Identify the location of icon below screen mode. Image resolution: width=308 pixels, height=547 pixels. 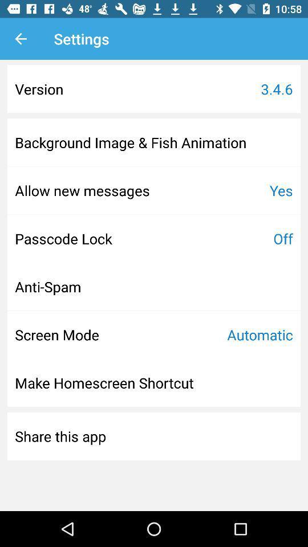
(104, 383).